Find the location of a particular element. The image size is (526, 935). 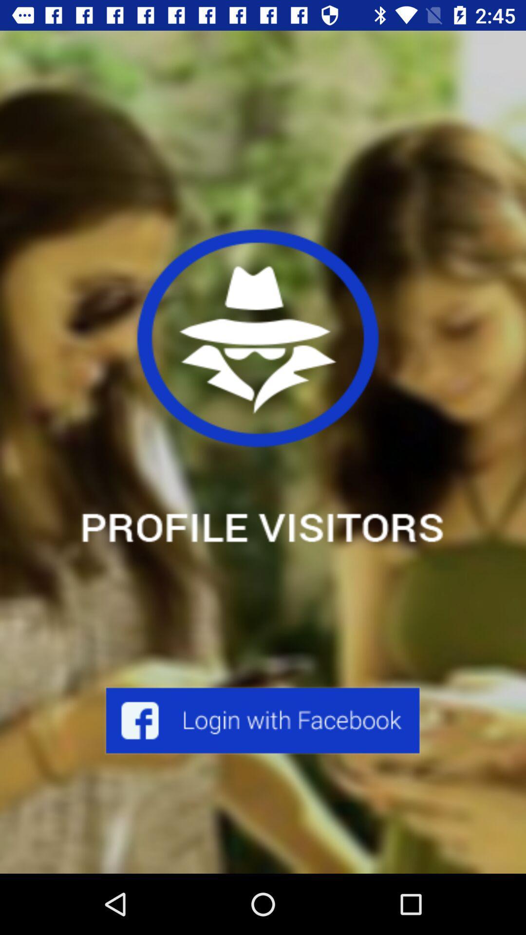

log in with fb is located at coordinates (262, 720).